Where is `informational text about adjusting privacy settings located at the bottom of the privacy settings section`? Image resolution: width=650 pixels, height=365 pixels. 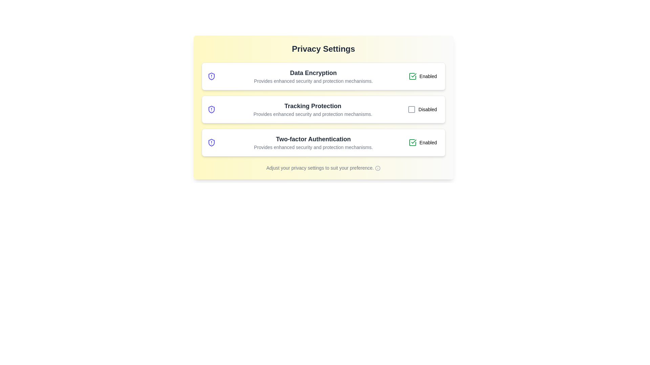 informational text about adjusting privacy settings located at the bottom of the privacy settings section is located at coordinates (323, 168).